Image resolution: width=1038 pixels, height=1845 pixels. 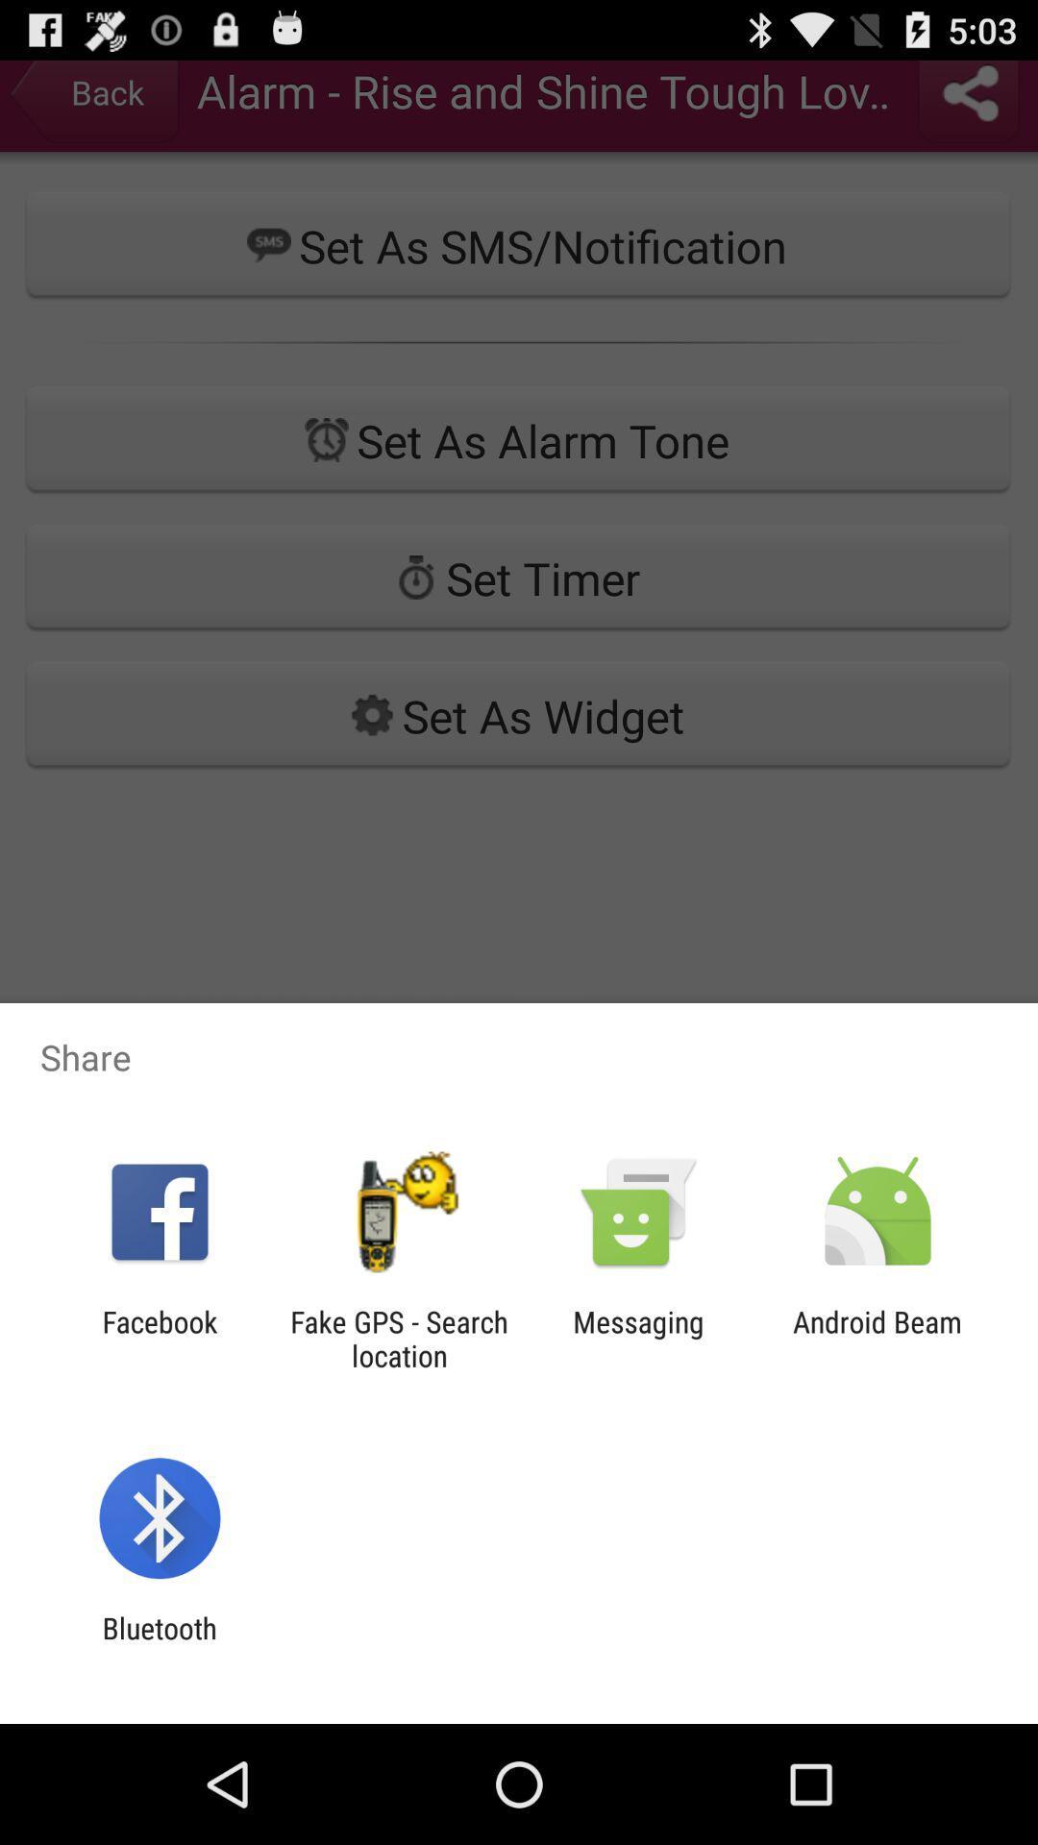 I want to click on bluetooth app, so click(x=159, y=1644).